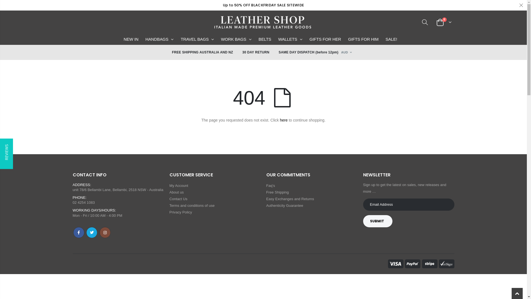  Describe the element at coordinates (179, 185) in the screenshot. I see `'My Account'` at that location.